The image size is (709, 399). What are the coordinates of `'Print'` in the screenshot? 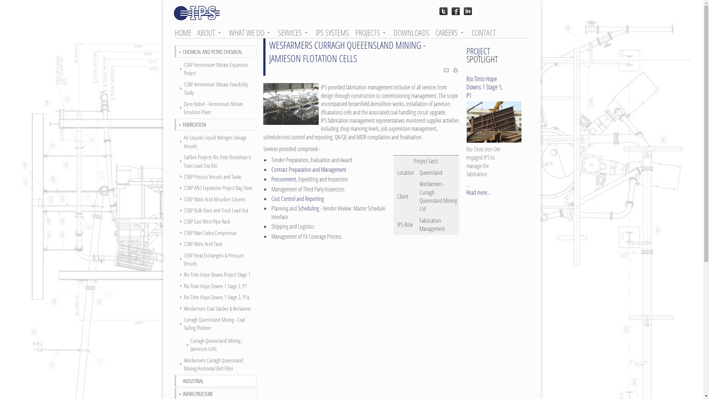 It's located at (455, 71).